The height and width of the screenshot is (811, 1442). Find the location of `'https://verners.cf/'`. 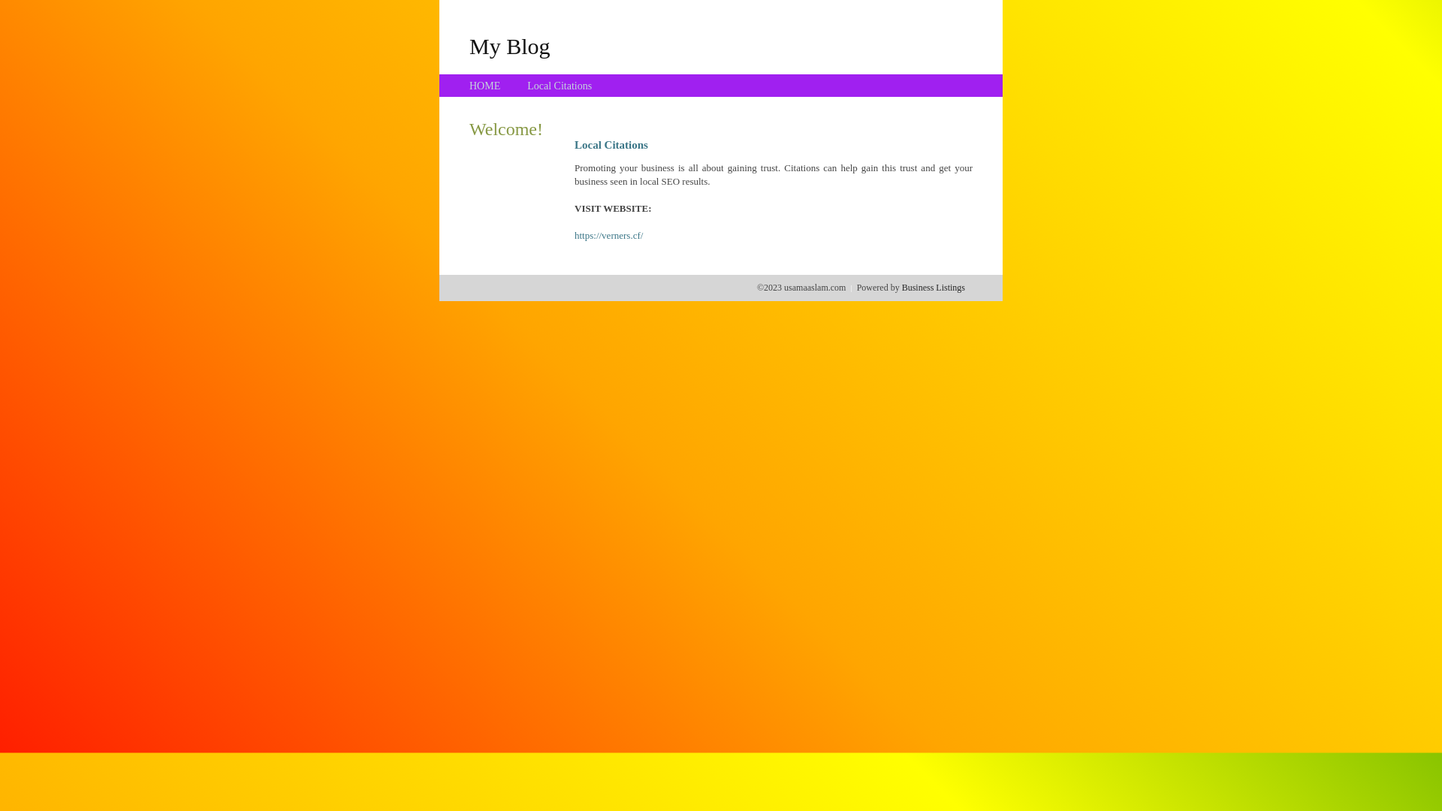

'https://verners.cf/' is located at coordinates (608, 235).